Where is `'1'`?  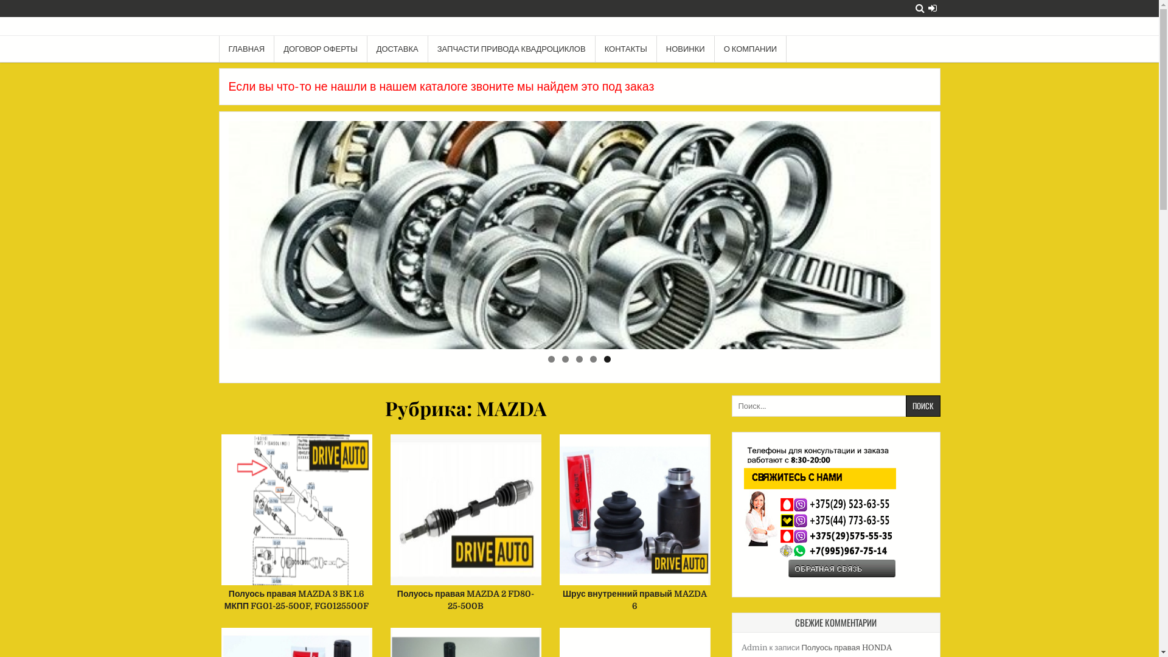 '1' is located at coordinates (547, 358).